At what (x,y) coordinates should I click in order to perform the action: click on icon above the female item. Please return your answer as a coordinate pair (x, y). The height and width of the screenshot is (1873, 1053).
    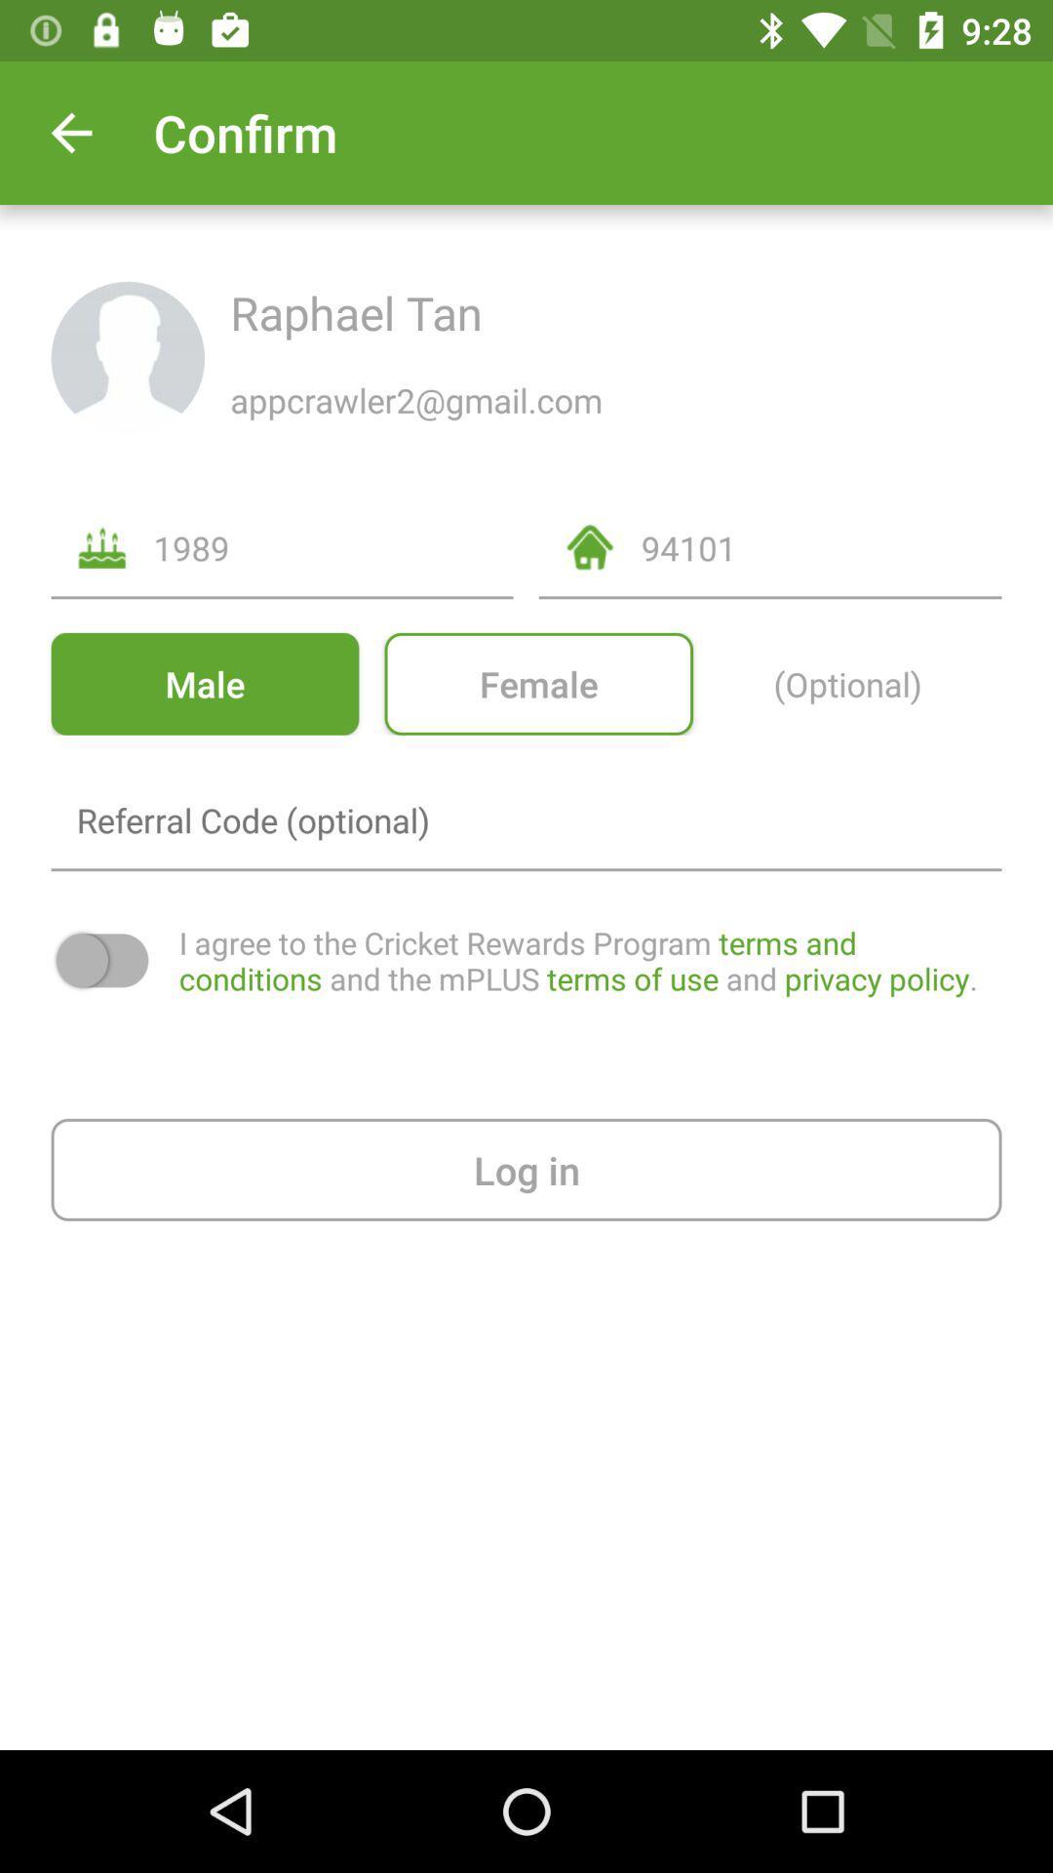
    Looking at the image, I should click on (821, 546).